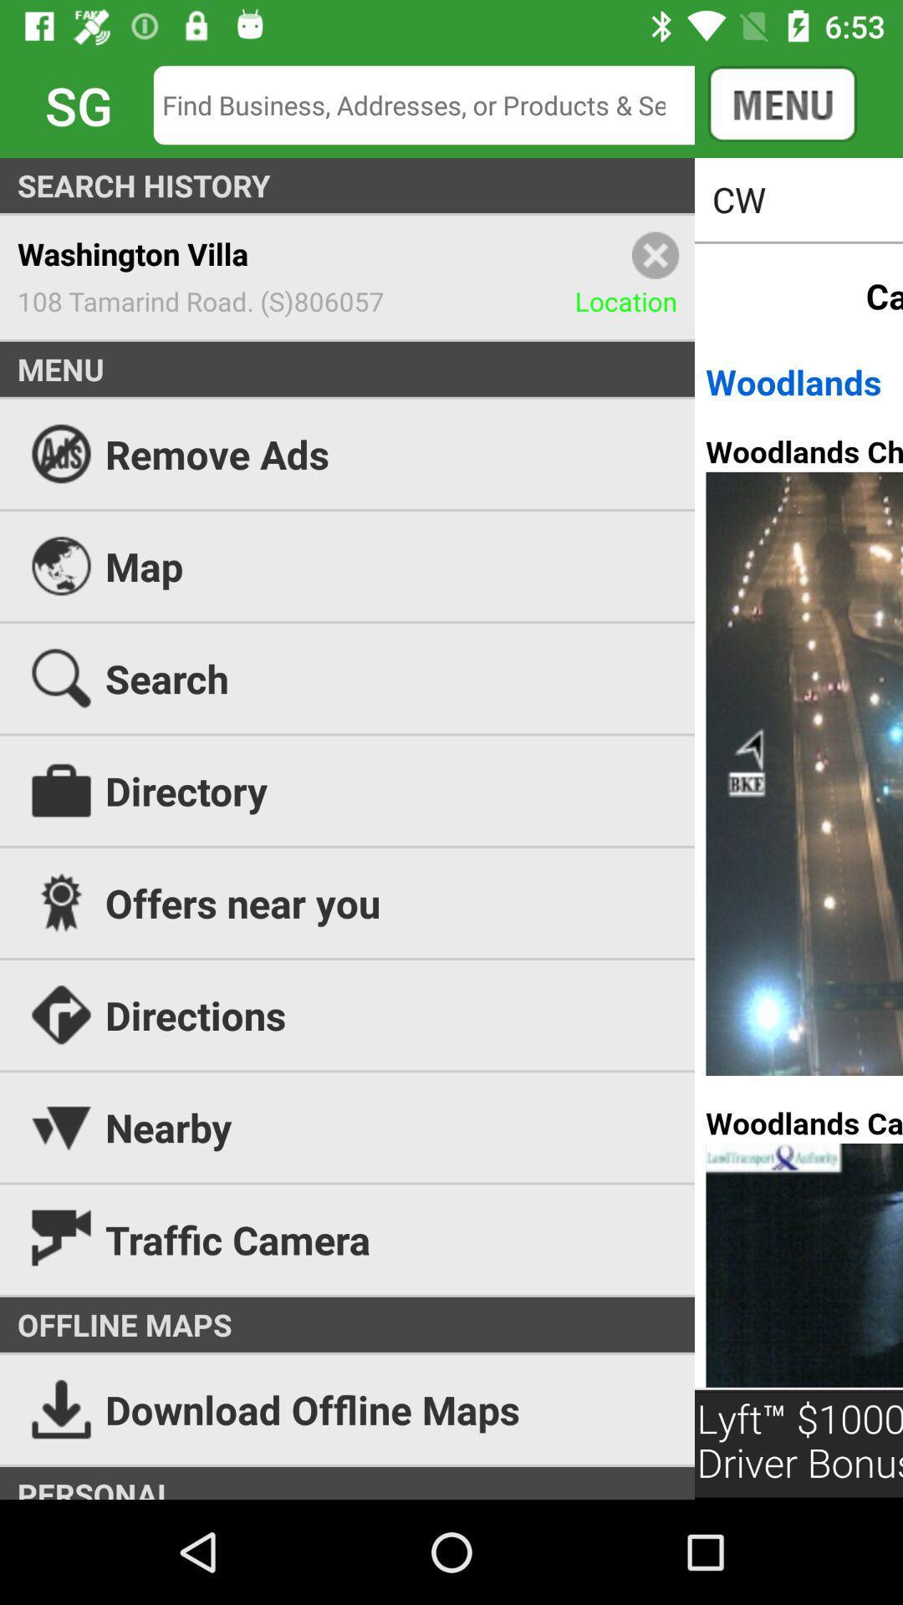 The image size is (903, 1605). I want to click on the menu option, so click(809, 104).